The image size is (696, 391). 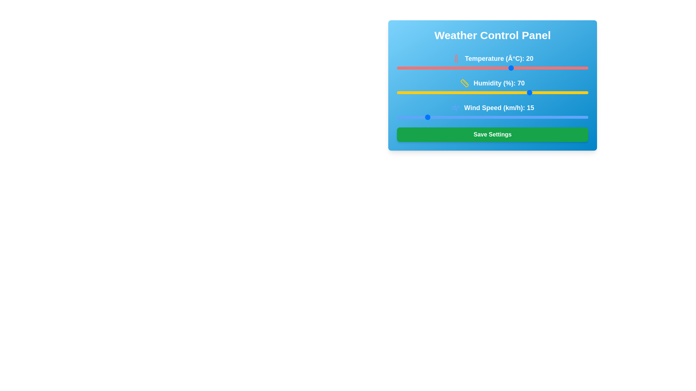 What do you see at coordinates (499, 108) in the screenshot?
I see `wind speed value displayed on the text label 'Wind Speed (km/h): 15' which is prominently positioned on a blue background with white bold font` at bounding box center [499, 108].